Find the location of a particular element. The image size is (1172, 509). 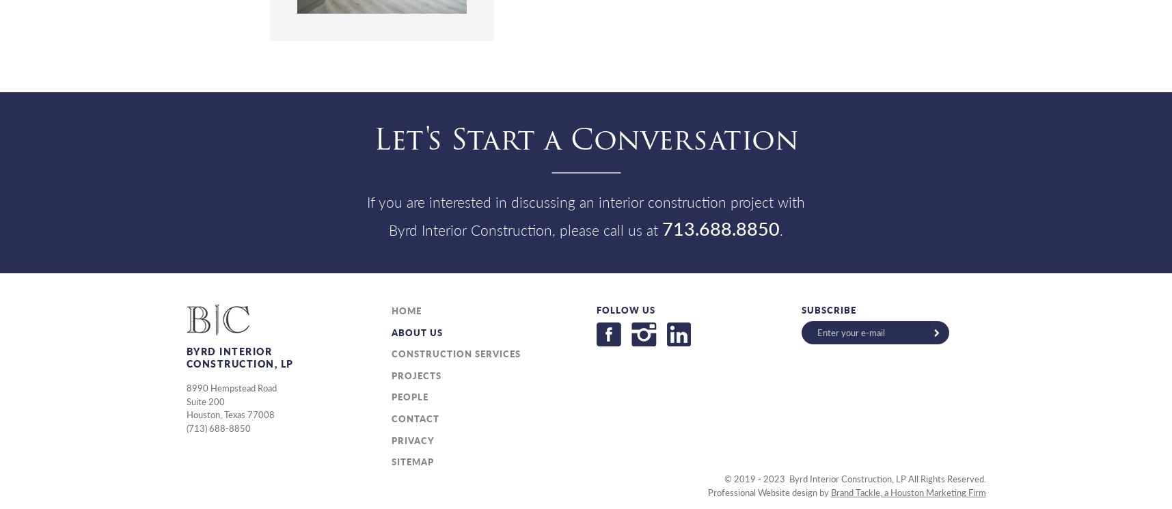

'Projects' is located at coordinates (415, 374).